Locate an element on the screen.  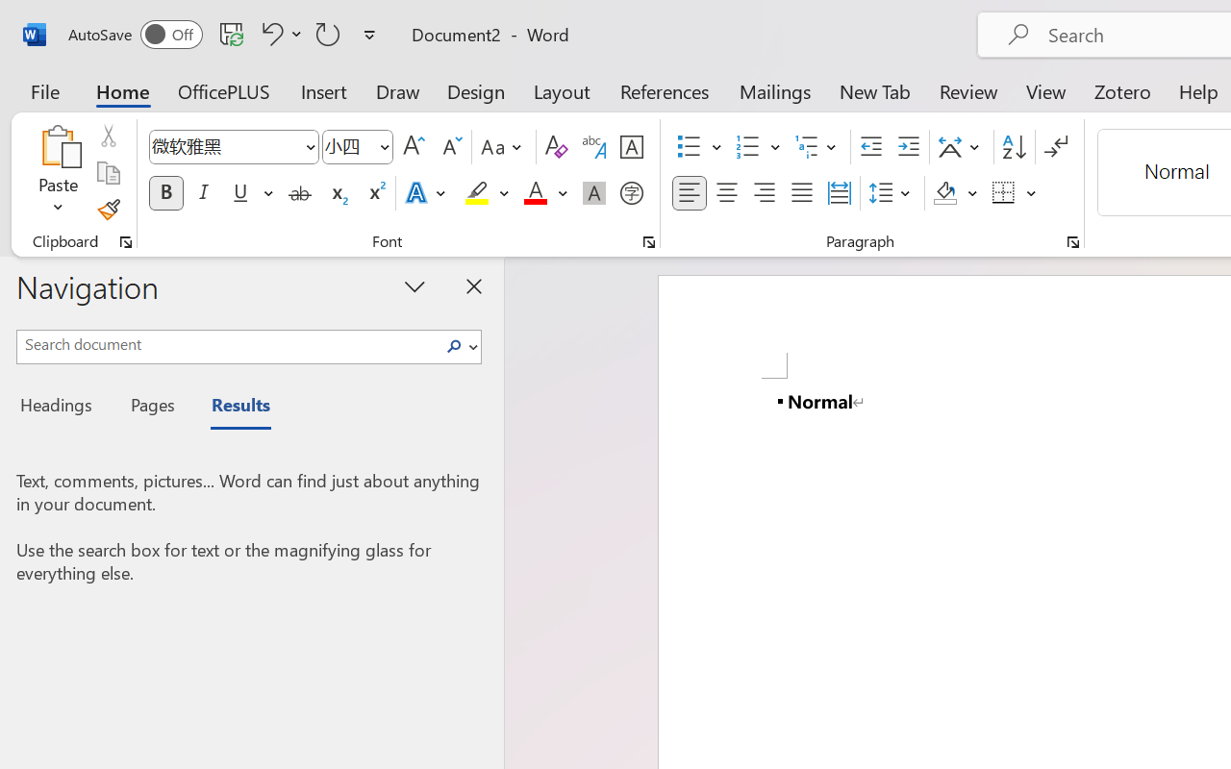
'Search' is located at coordinates (453, 346).